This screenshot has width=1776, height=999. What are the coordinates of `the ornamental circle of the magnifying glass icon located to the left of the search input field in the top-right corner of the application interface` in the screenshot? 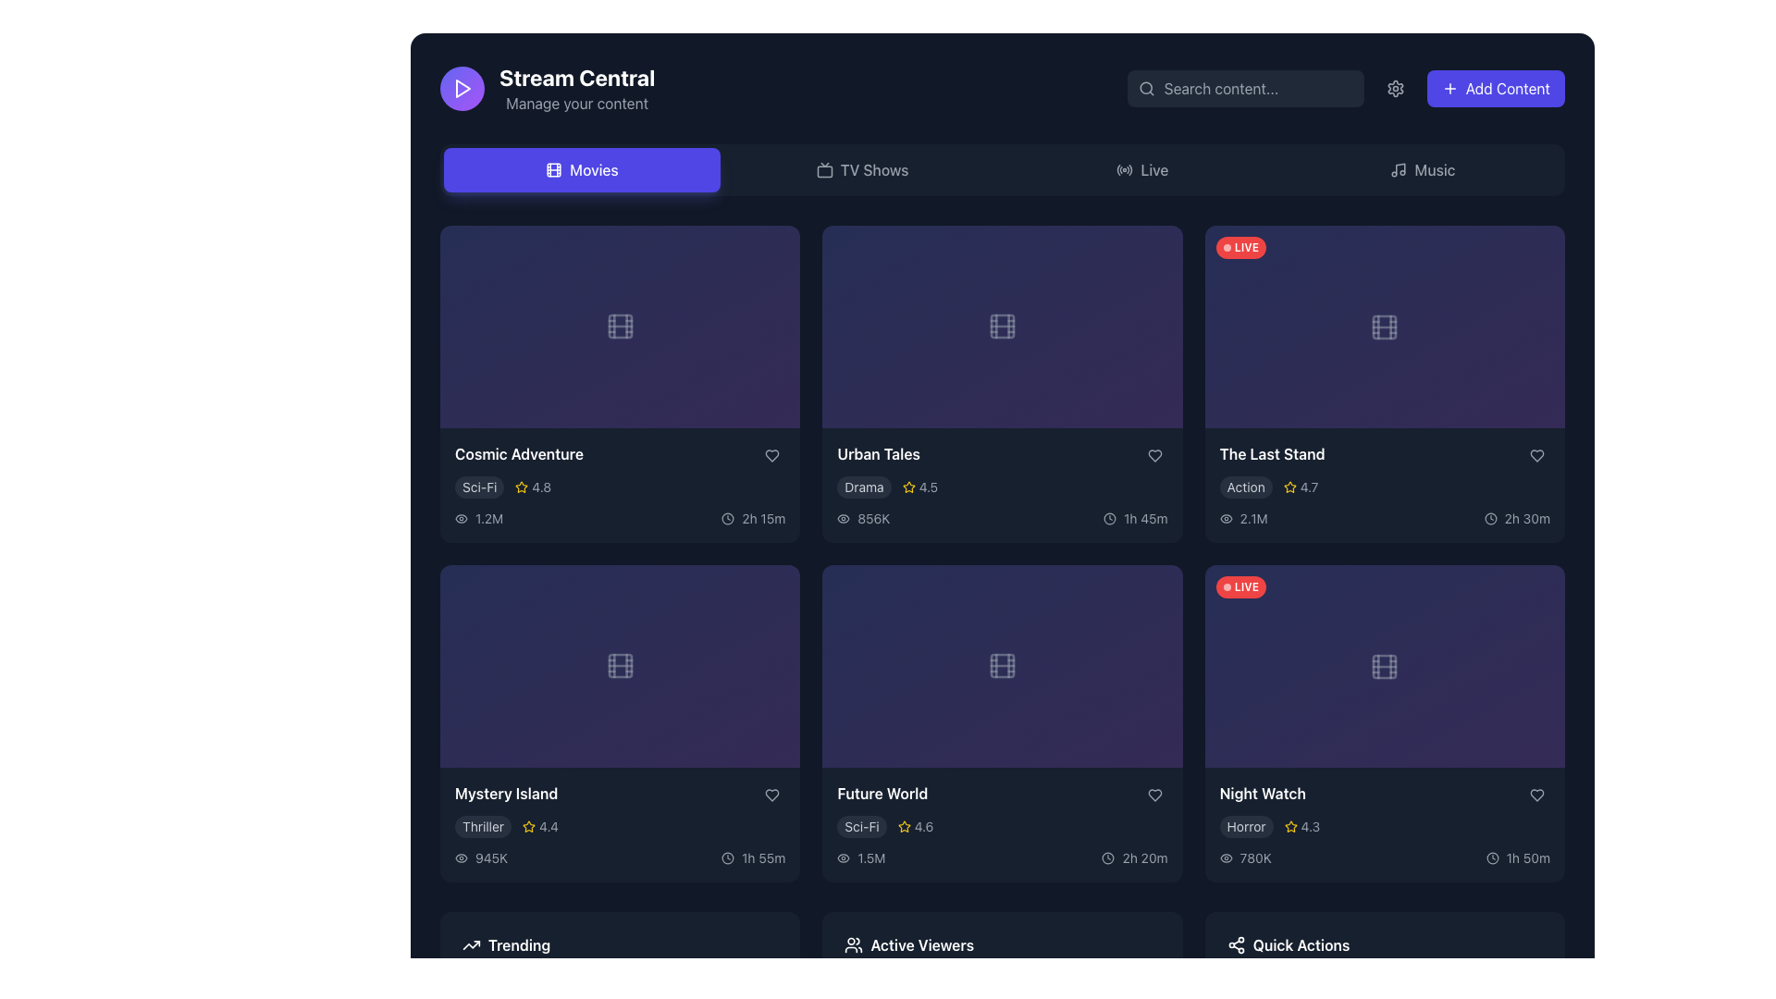 It's located at (1144, 88).